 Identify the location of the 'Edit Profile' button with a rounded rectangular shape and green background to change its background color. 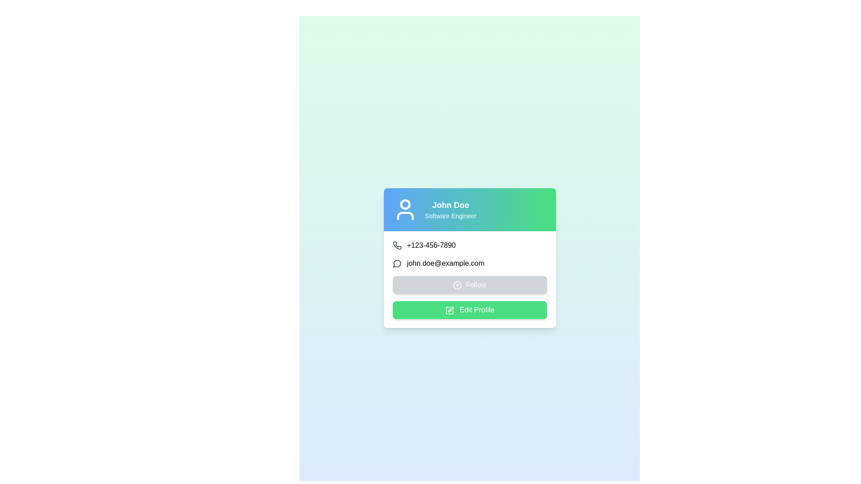
(469, 309).